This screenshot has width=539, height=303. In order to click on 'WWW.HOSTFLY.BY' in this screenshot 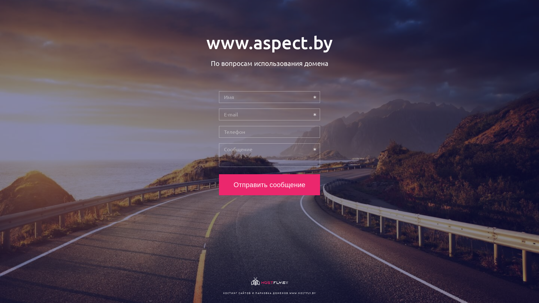, I will do `click(302, 293)`.